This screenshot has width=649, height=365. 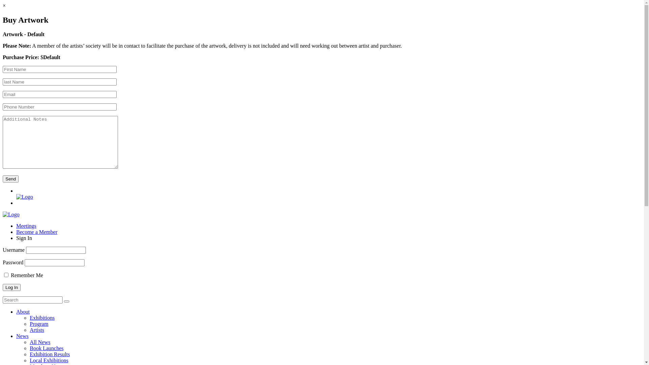 I want to click on 'Meetings', so click(x=26, y=226).